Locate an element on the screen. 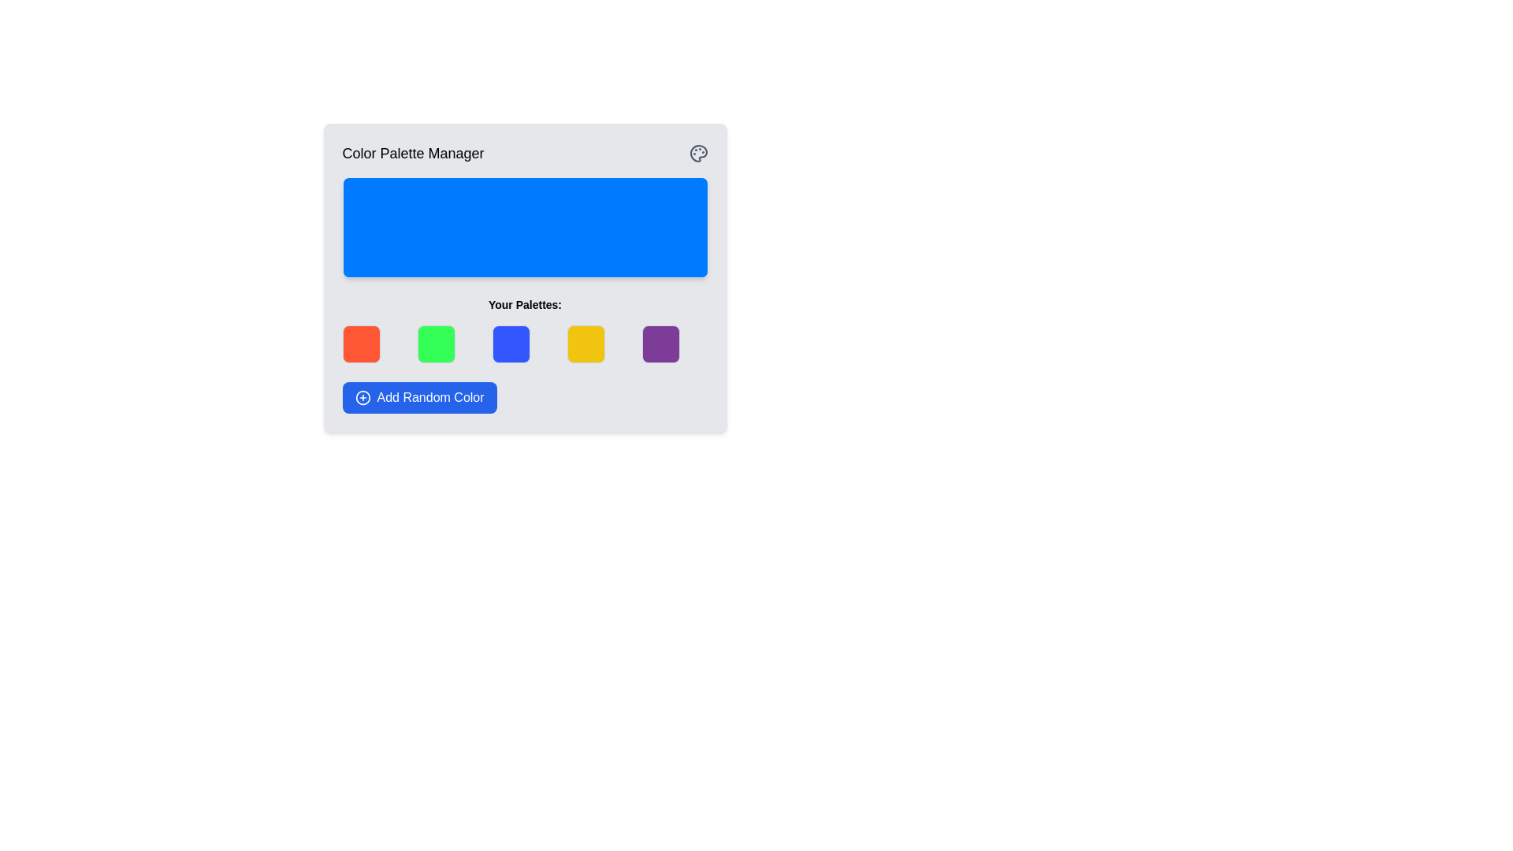 This screenshot has width=1513, height=851. the icon located on the left side inside the blue button labeled 'Add Random Color' to initiate the add action is located at coordinates (362, 397).